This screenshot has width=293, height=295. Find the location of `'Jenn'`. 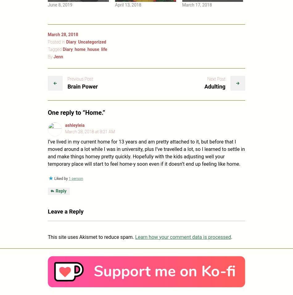

'Jenn' is located at coordinates (58, 56).